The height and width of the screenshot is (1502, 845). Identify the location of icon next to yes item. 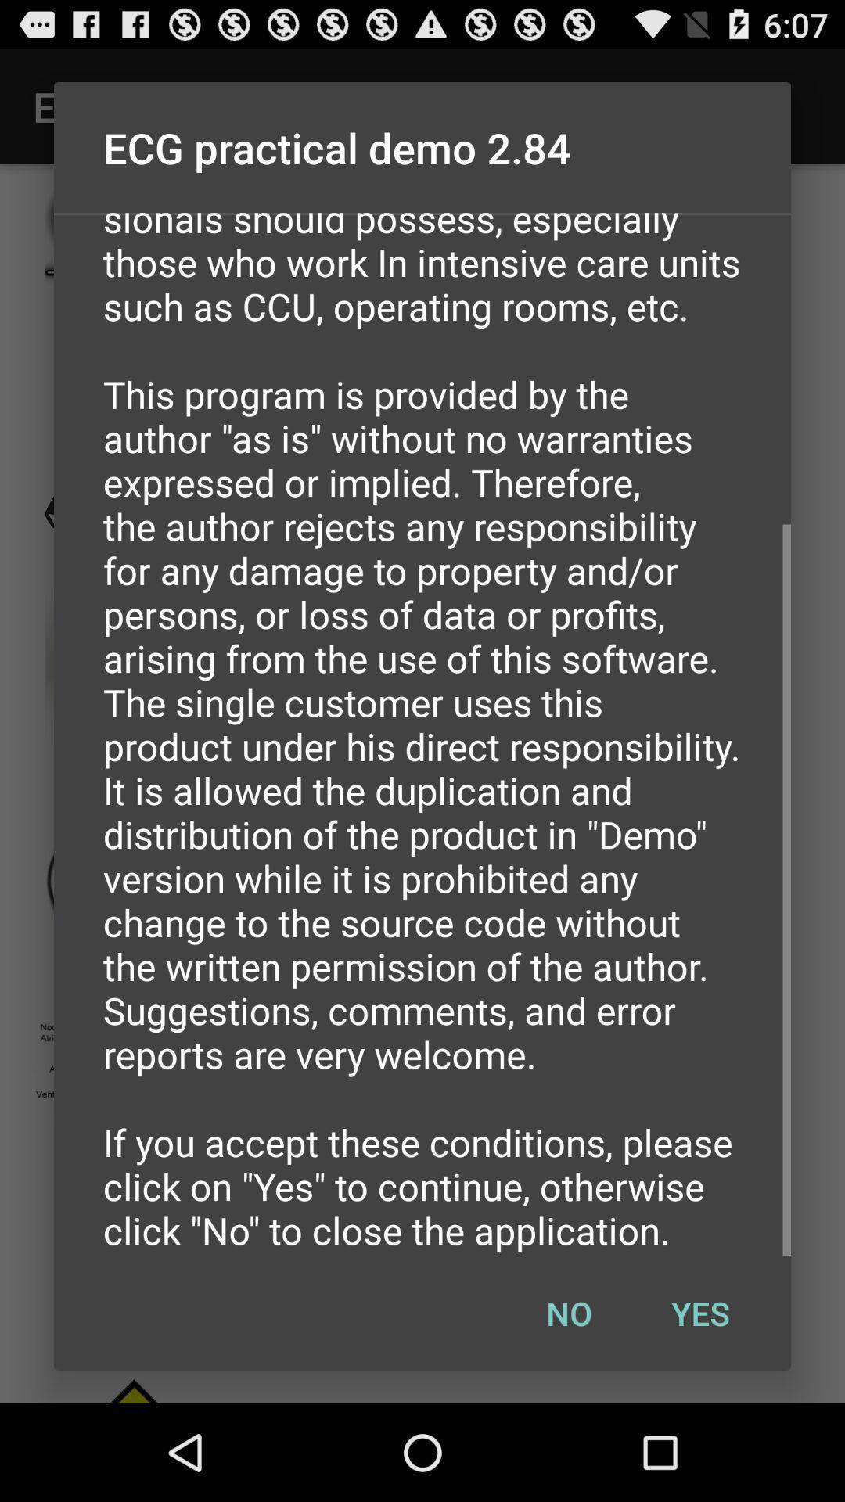
(569, 1313).